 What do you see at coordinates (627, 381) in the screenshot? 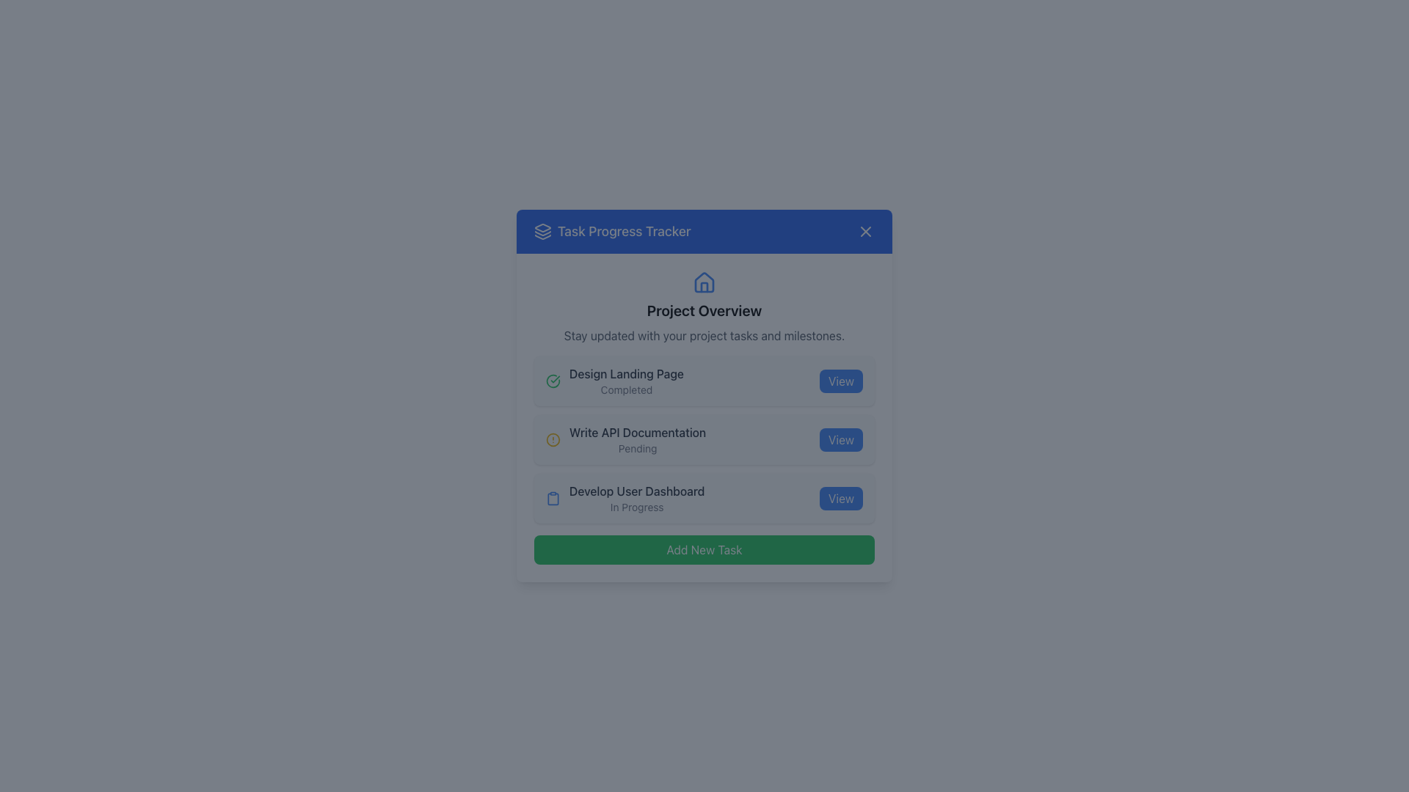
I see `the text label displaying 'Design Landing Page' with the smaller text 'Completed' below it, located at the top of a list of task cards` at bounding box center [627, 381].